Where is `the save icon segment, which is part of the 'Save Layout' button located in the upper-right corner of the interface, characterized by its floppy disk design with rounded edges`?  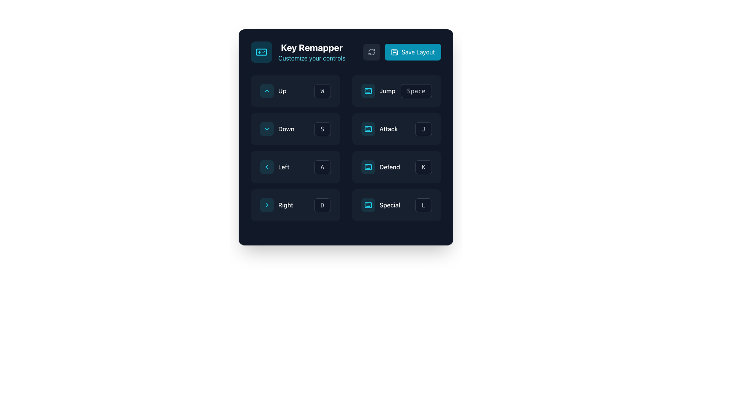
the save icon segment, which is part of the 'Save Layout' button located in the upper-right corner of the interface, characterized by its floppy disk design with rounded edges is located at coordinates (395, 52).